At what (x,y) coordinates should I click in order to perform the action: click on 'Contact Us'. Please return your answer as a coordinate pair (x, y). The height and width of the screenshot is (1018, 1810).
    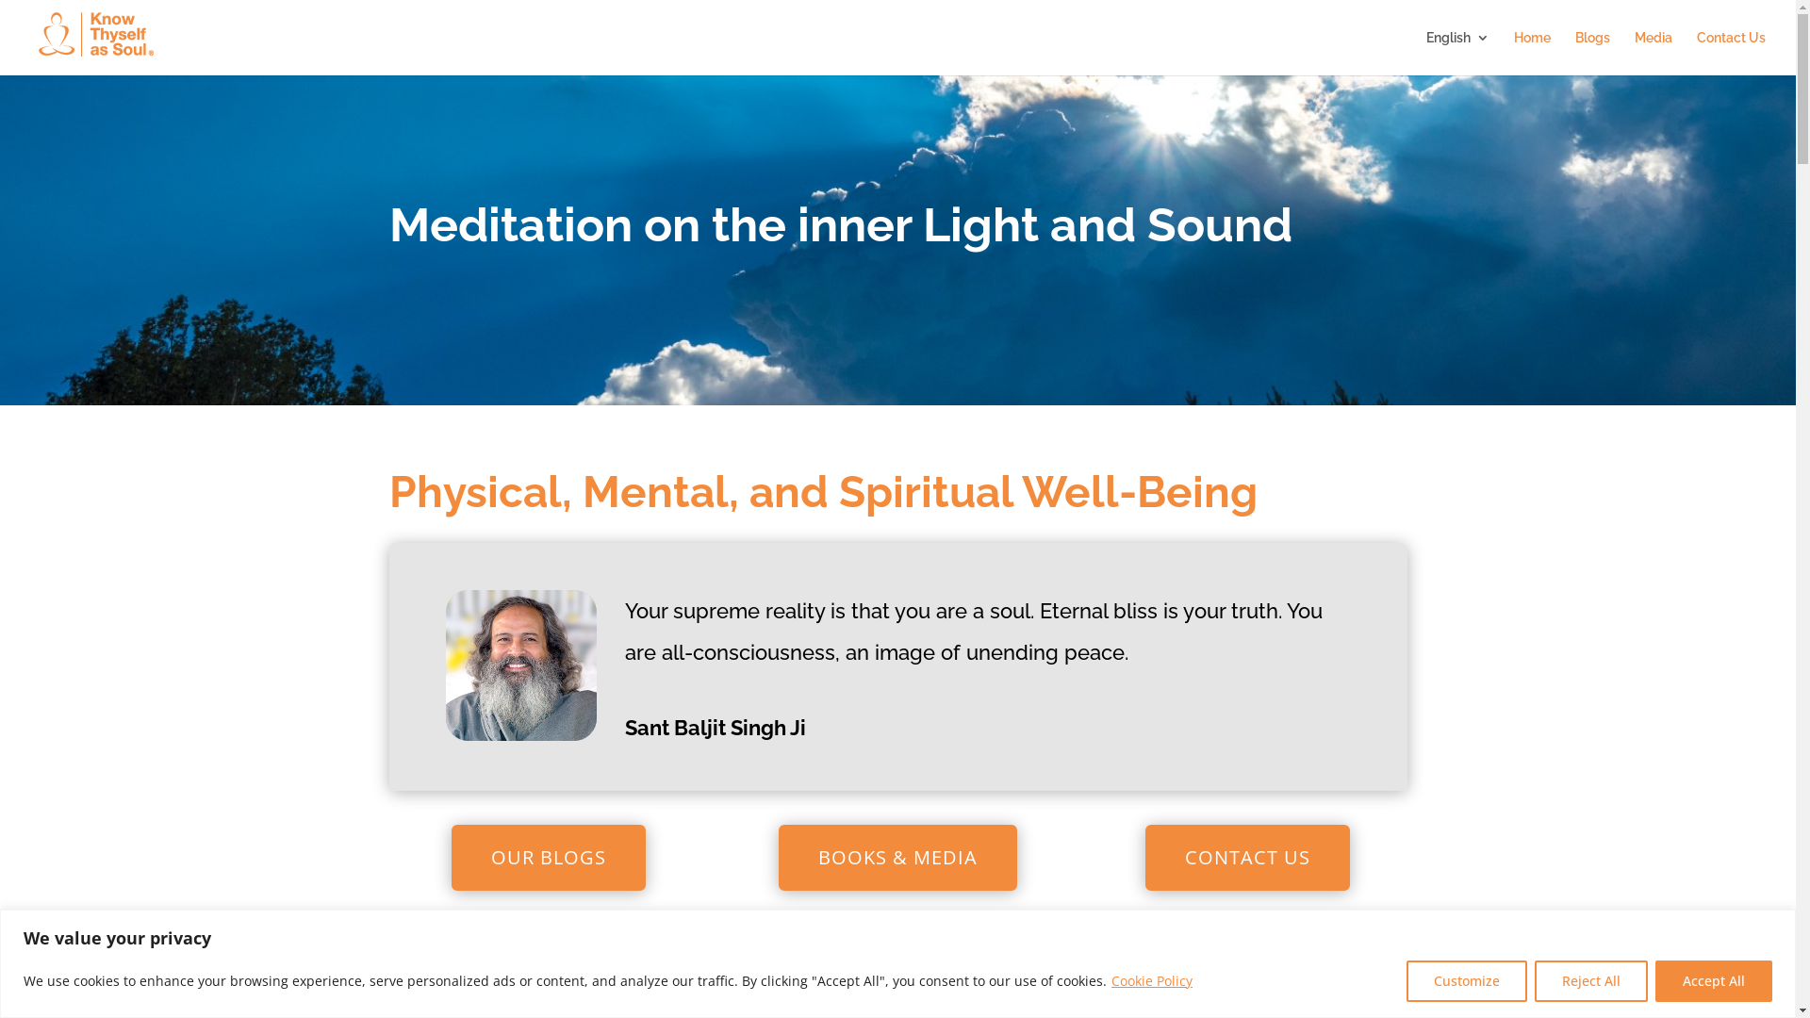
    Looking at the image, I should click on (1697, 52).